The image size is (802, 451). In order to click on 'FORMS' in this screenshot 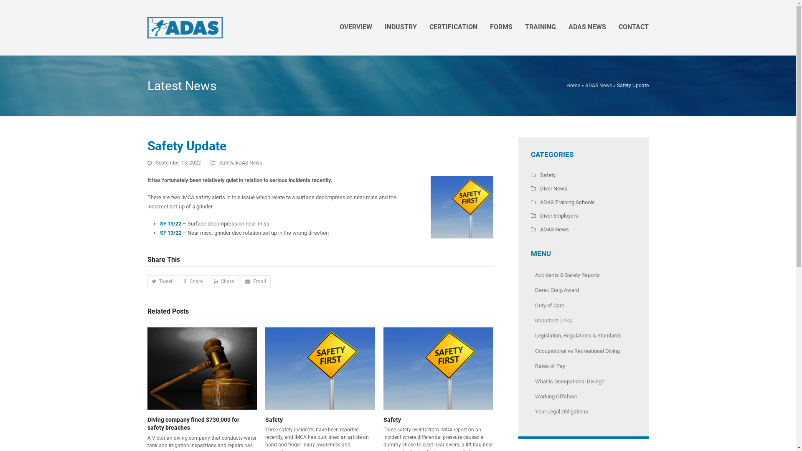, I will do `click(501, 27)`.